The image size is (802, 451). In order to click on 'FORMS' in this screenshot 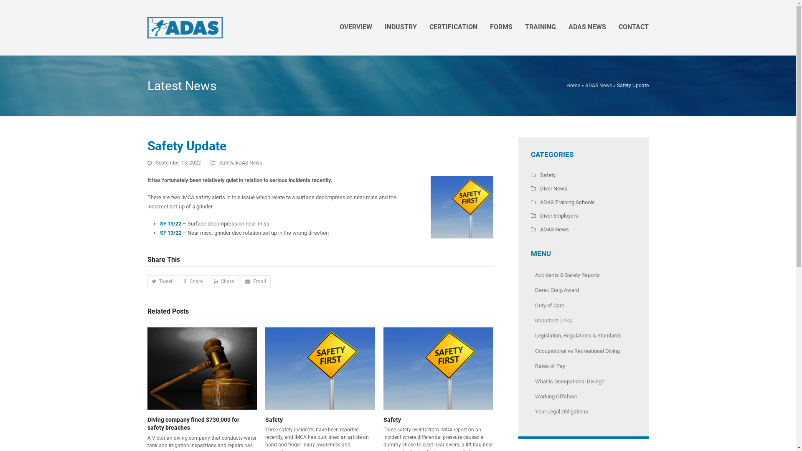, I will do `click(501, 27)`.